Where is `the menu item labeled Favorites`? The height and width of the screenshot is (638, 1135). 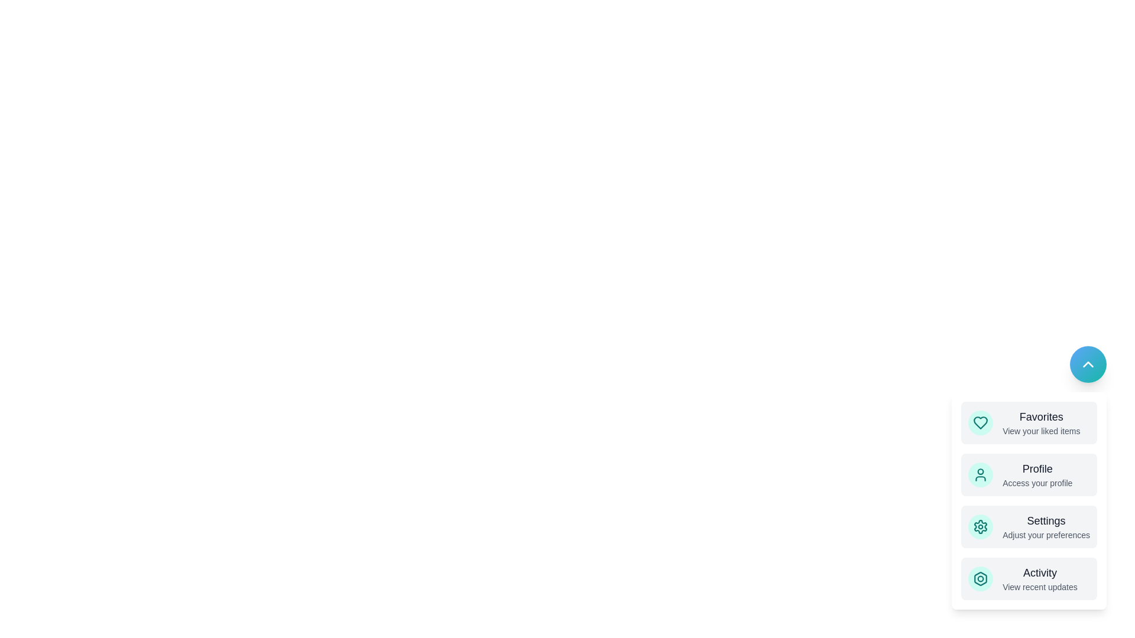
the menu item labeled Favorites is located at coordinates (1029, 422).